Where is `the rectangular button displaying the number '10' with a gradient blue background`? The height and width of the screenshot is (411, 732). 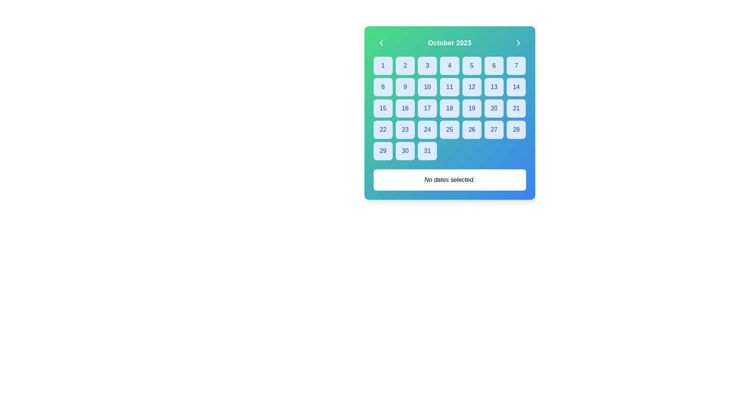 the rectangular button displaying the number '10' with a gradient blue background is located at coordinates (427, 86).